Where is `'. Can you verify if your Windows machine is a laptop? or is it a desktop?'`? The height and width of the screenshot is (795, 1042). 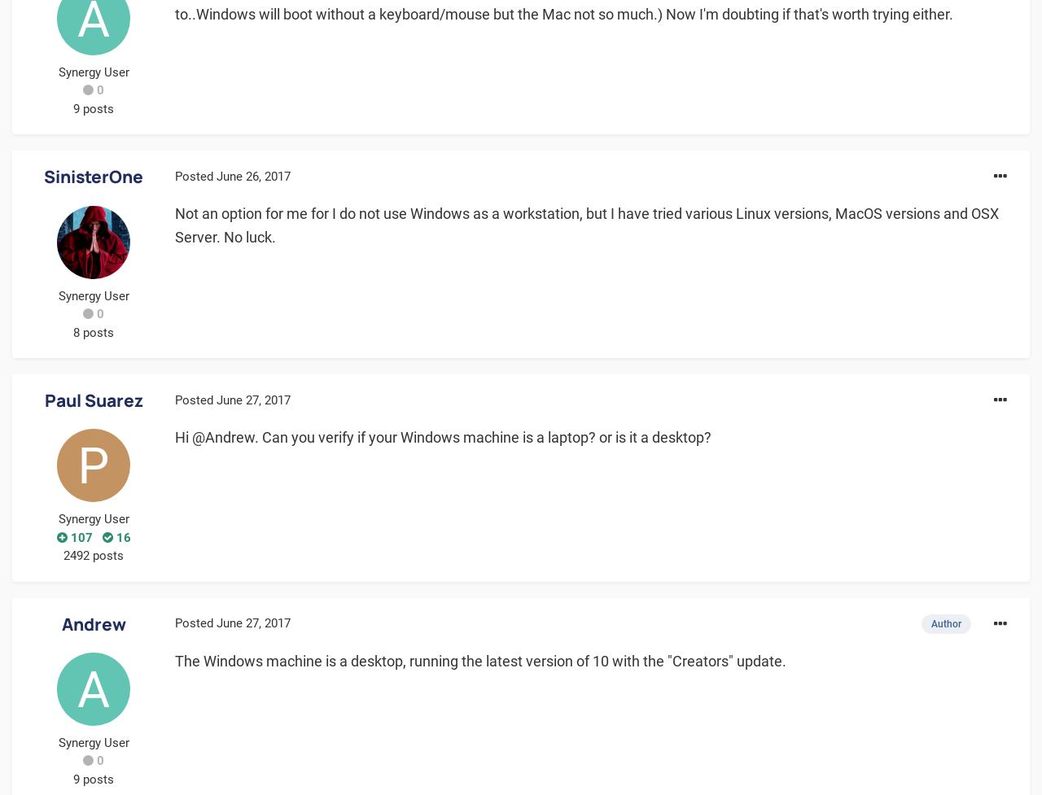
'. Can you verify if your Windows machine is a laptop? or is it a desktop?' is located at coordinates (482, 436).